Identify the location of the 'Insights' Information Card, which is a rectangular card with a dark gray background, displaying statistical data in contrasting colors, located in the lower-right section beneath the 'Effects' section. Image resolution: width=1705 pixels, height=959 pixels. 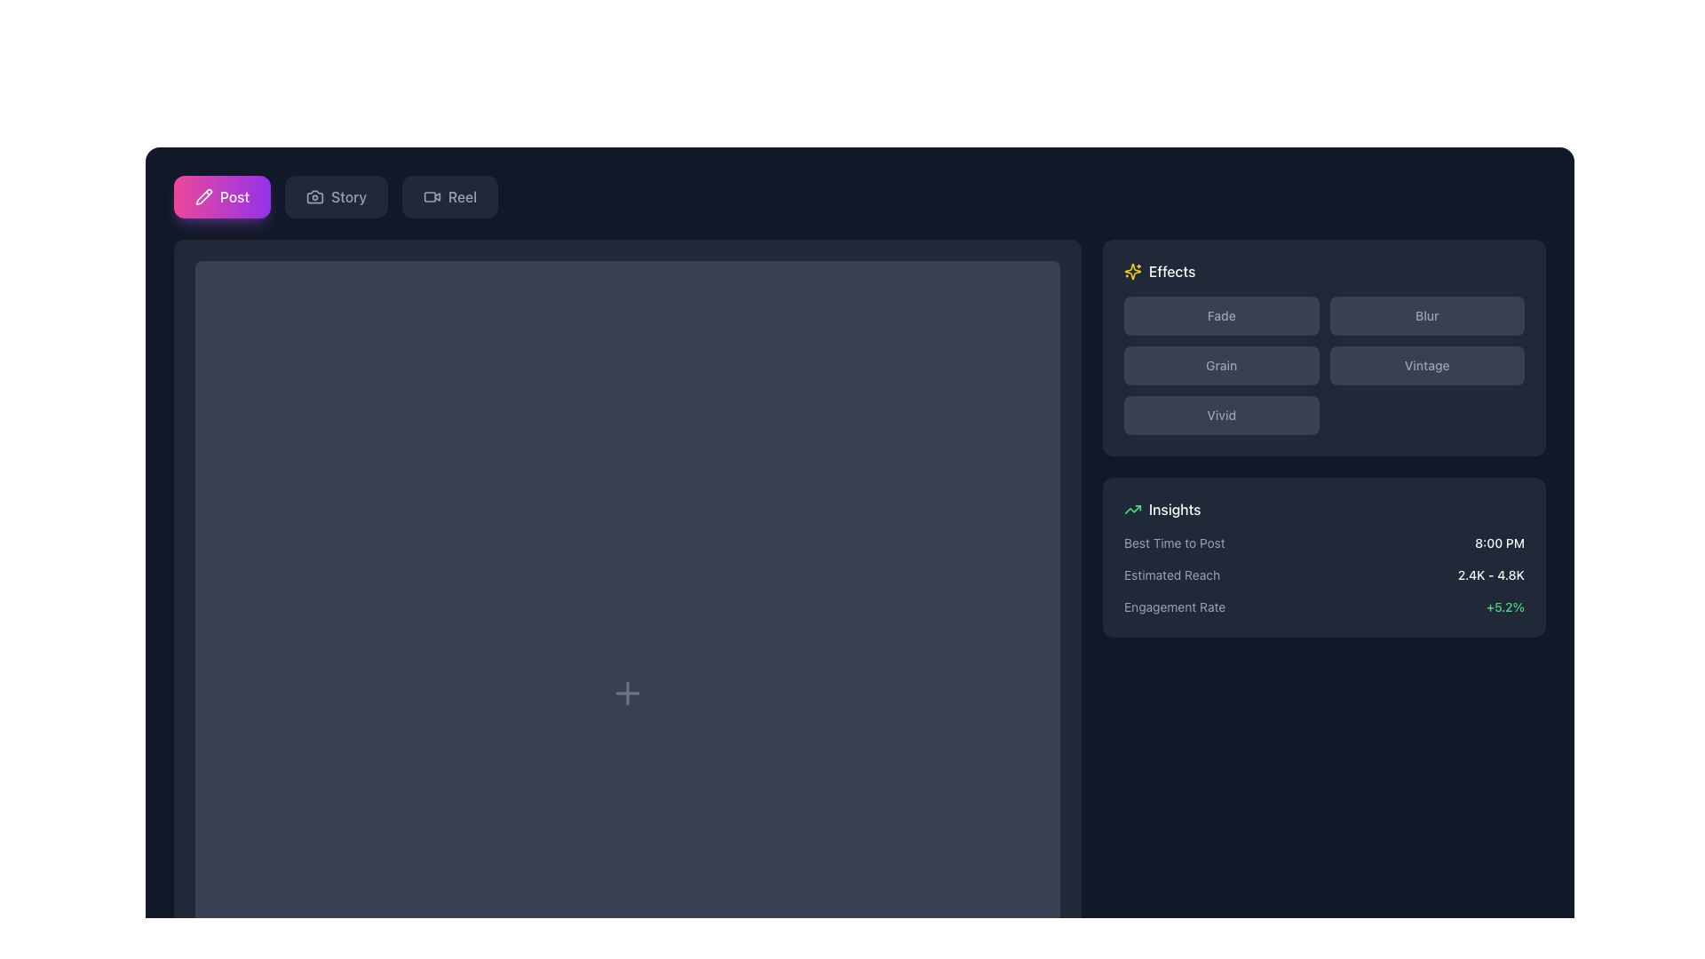
(1324, 557).